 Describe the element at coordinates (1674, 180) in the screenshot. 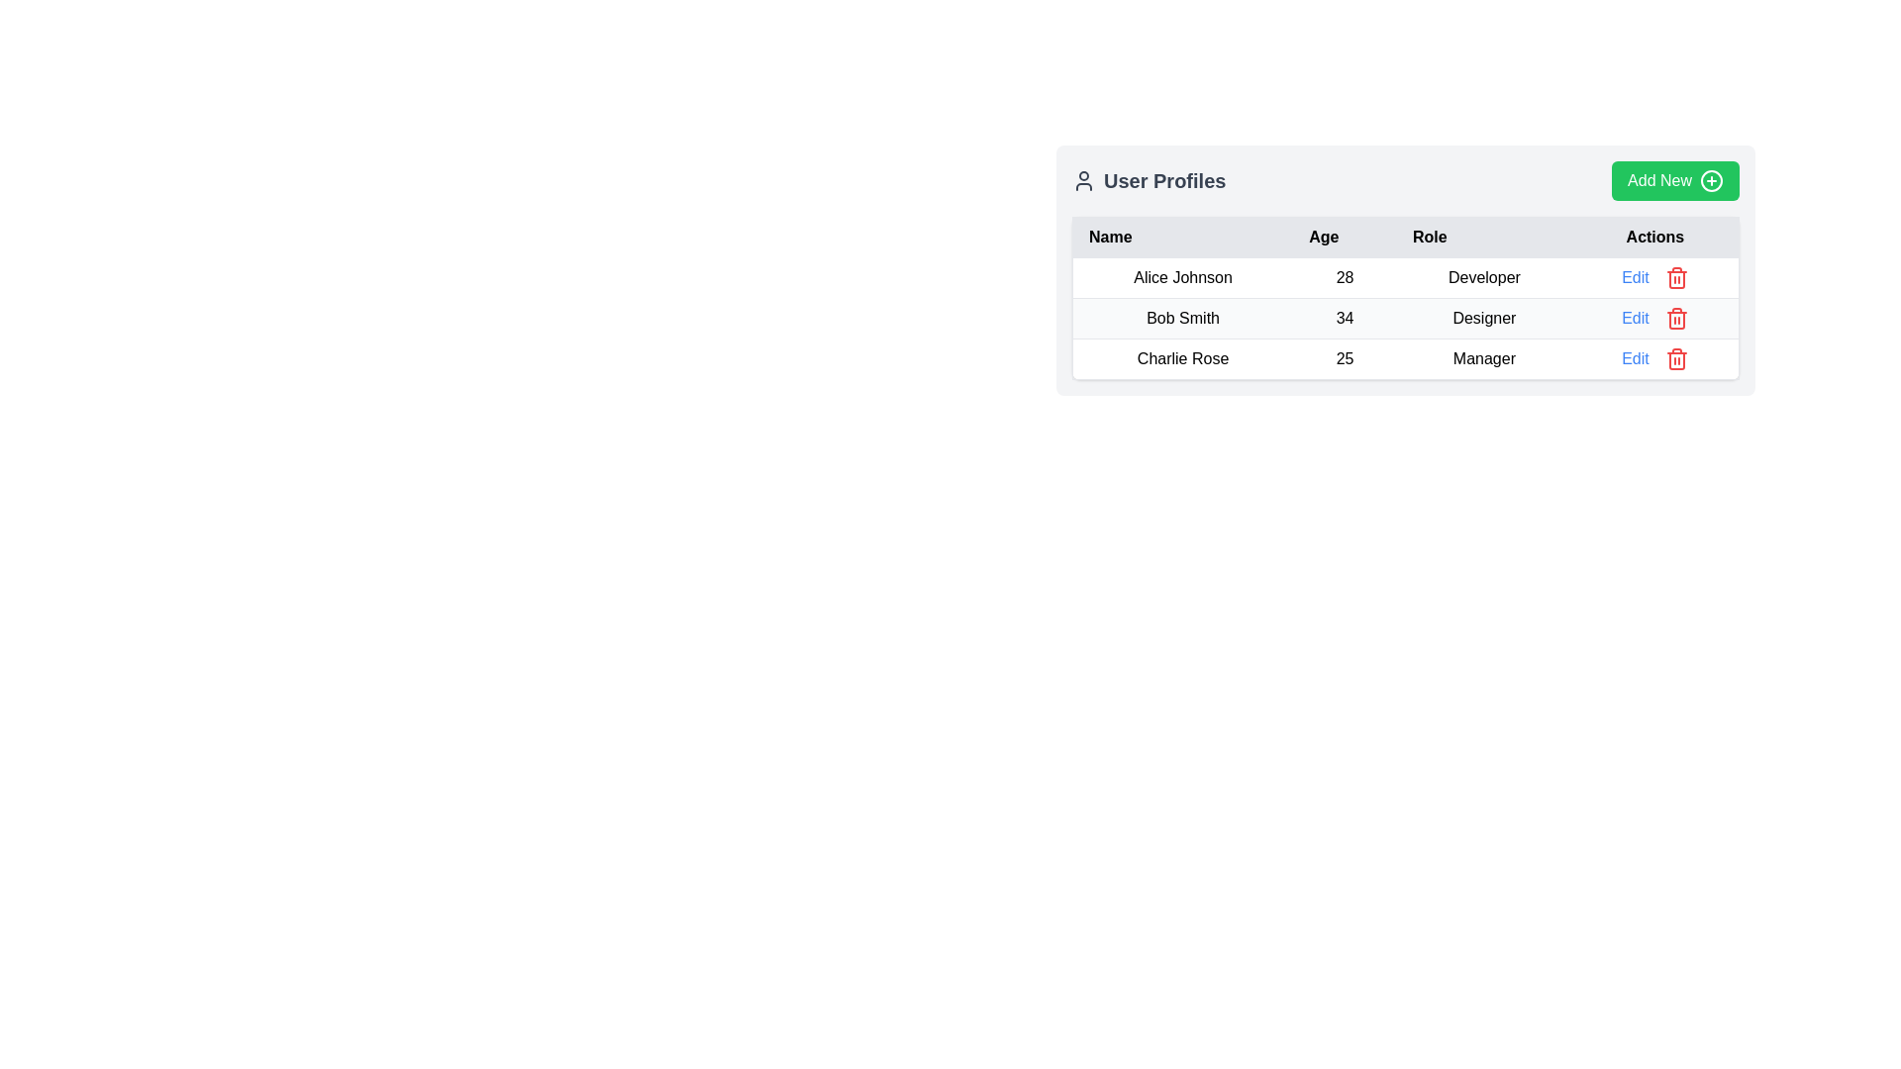

I see `the 'Add New' button, which is a rectangular button with a green background and white text, located in the top-right corner of the 'User Profiles' section` at that location.